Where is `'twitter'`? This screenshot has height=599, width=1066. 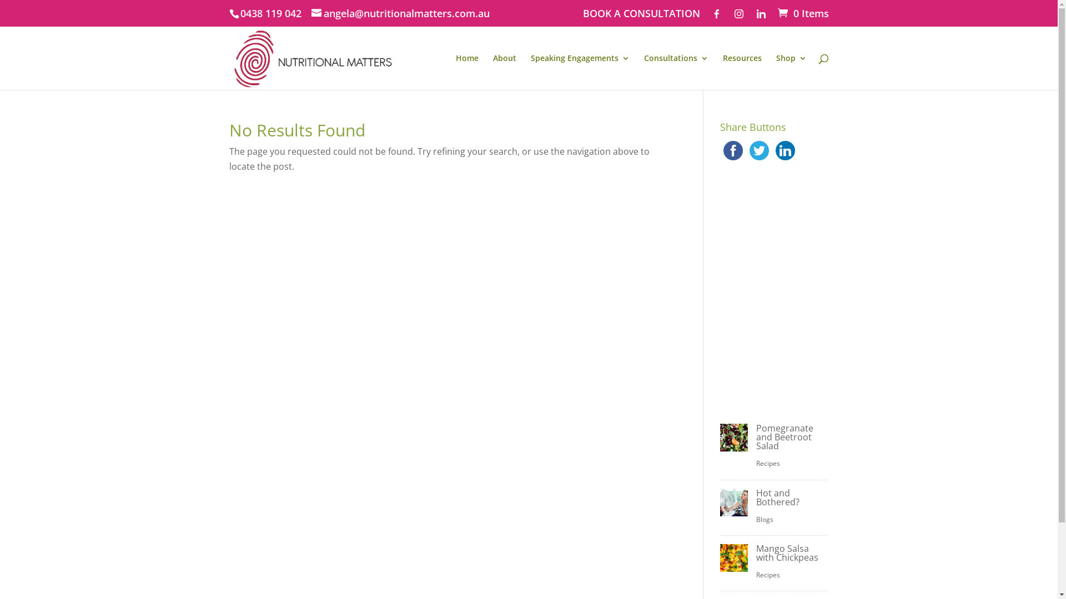
'twitter' is located at coordinates (758, 150).